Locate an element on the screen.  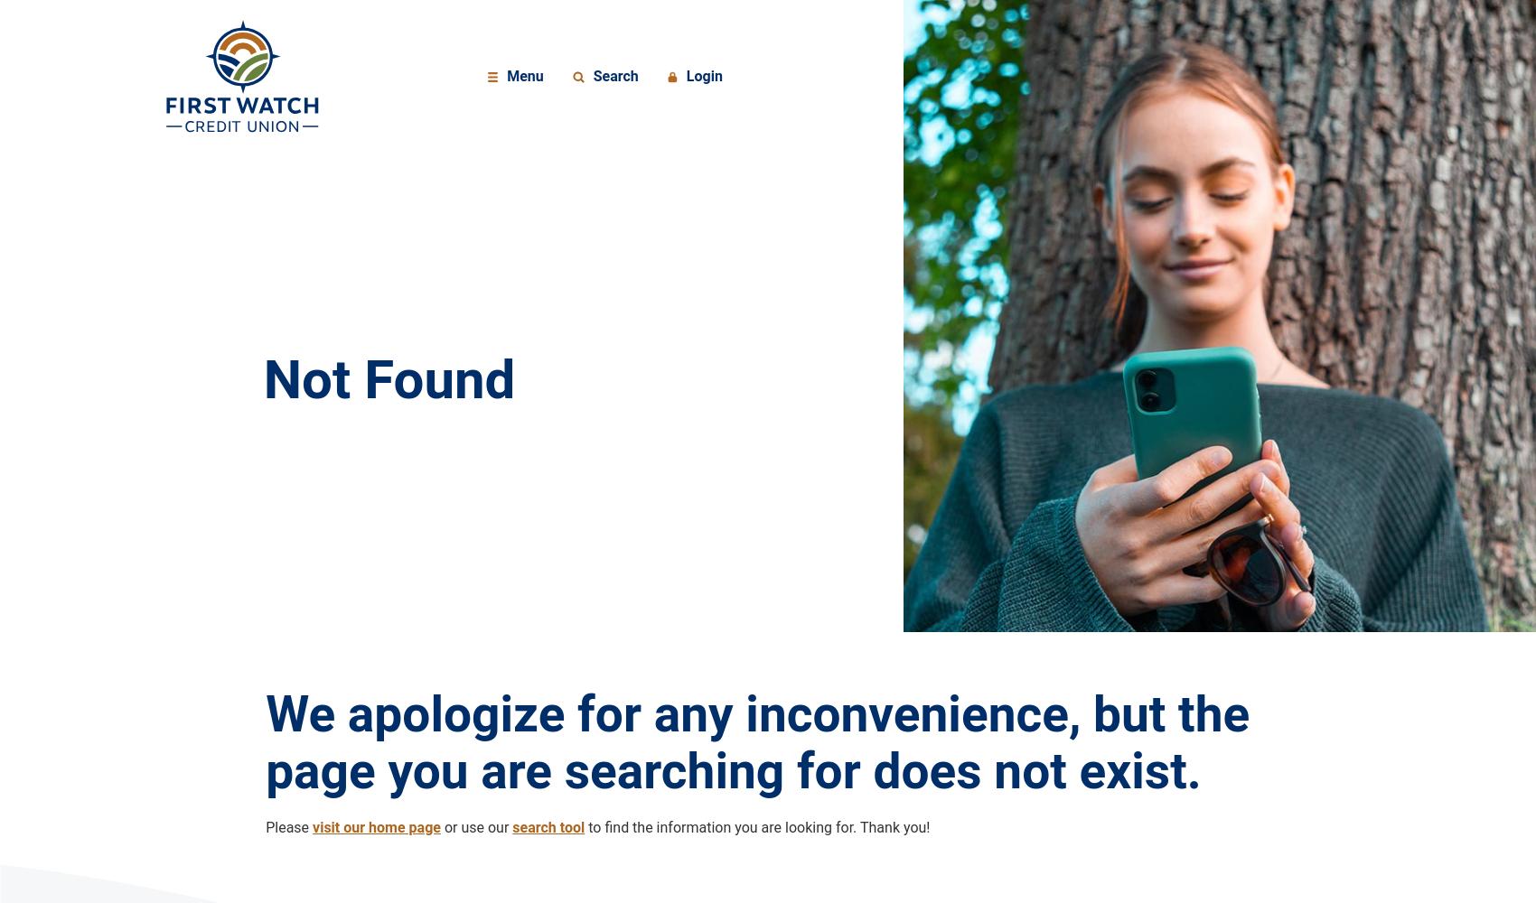
'search tool' is located at coordinates (548, 826).